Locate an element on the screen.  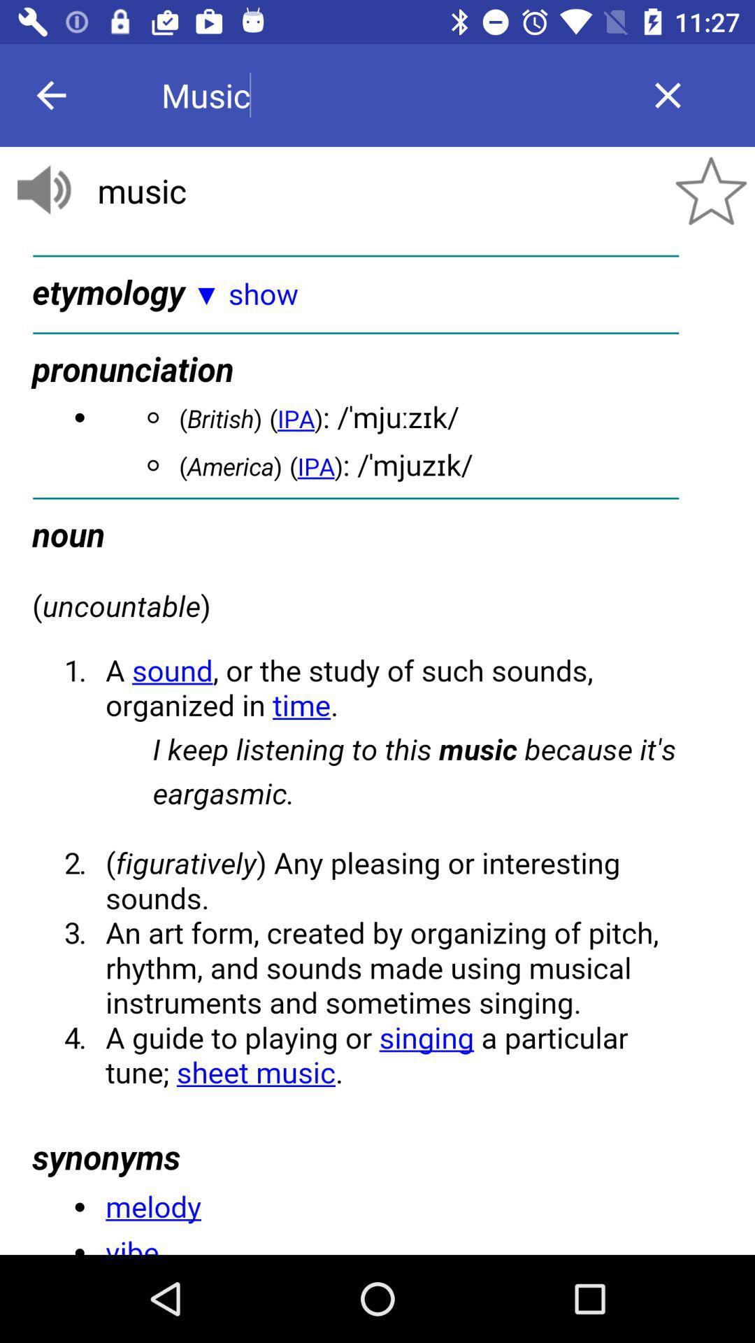
the star icon is located at coordinates (711, 190).